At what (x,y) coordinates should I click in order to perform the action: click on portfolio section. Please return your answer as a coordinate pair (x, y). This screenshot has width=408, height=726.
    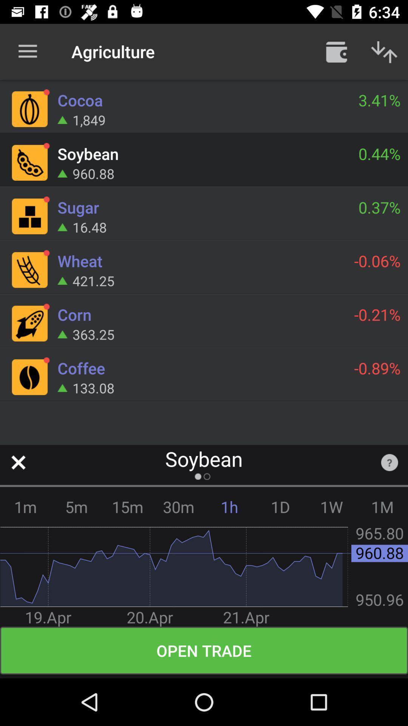
    Looking at the image, I should click on (336, 51).